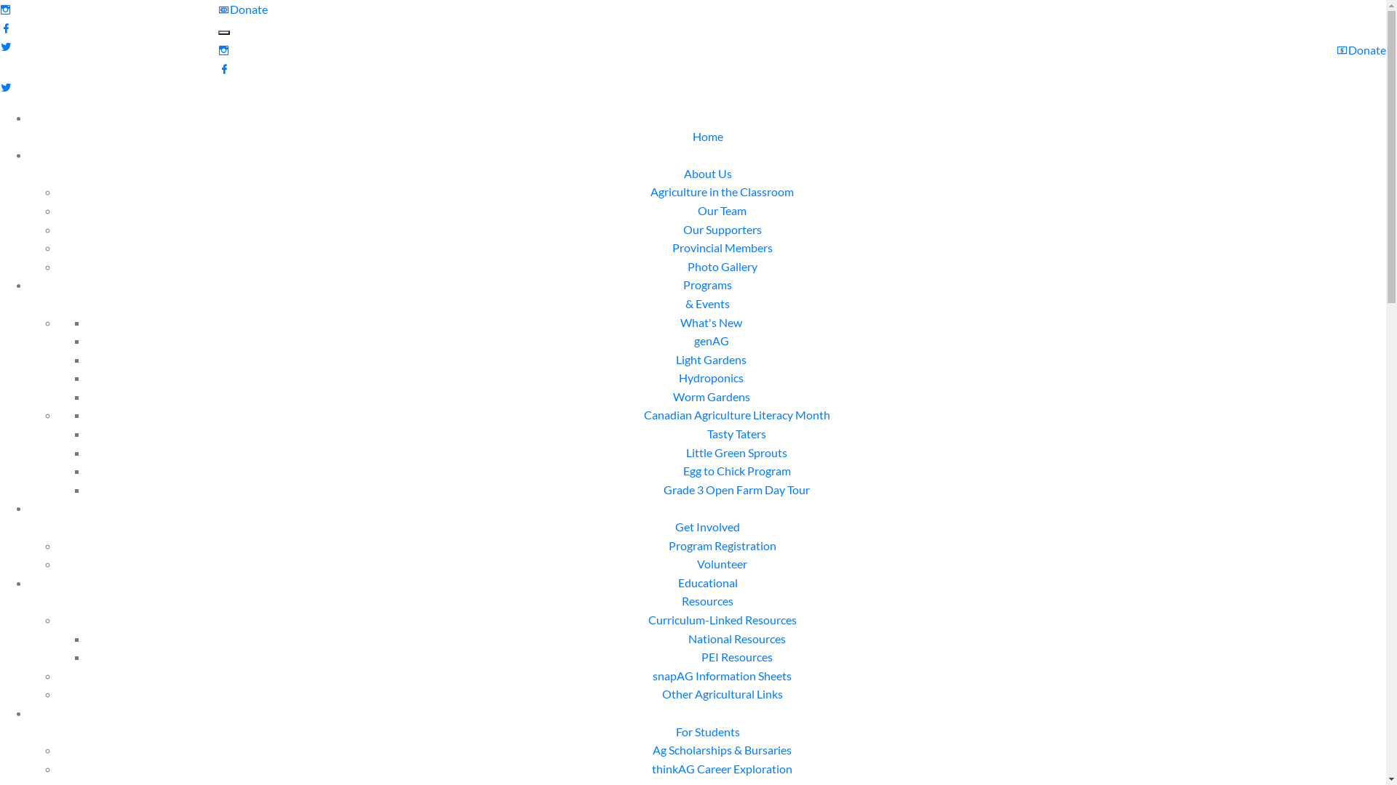  I want to click on 'thinkAG Career Exploration', so click(722, 768).